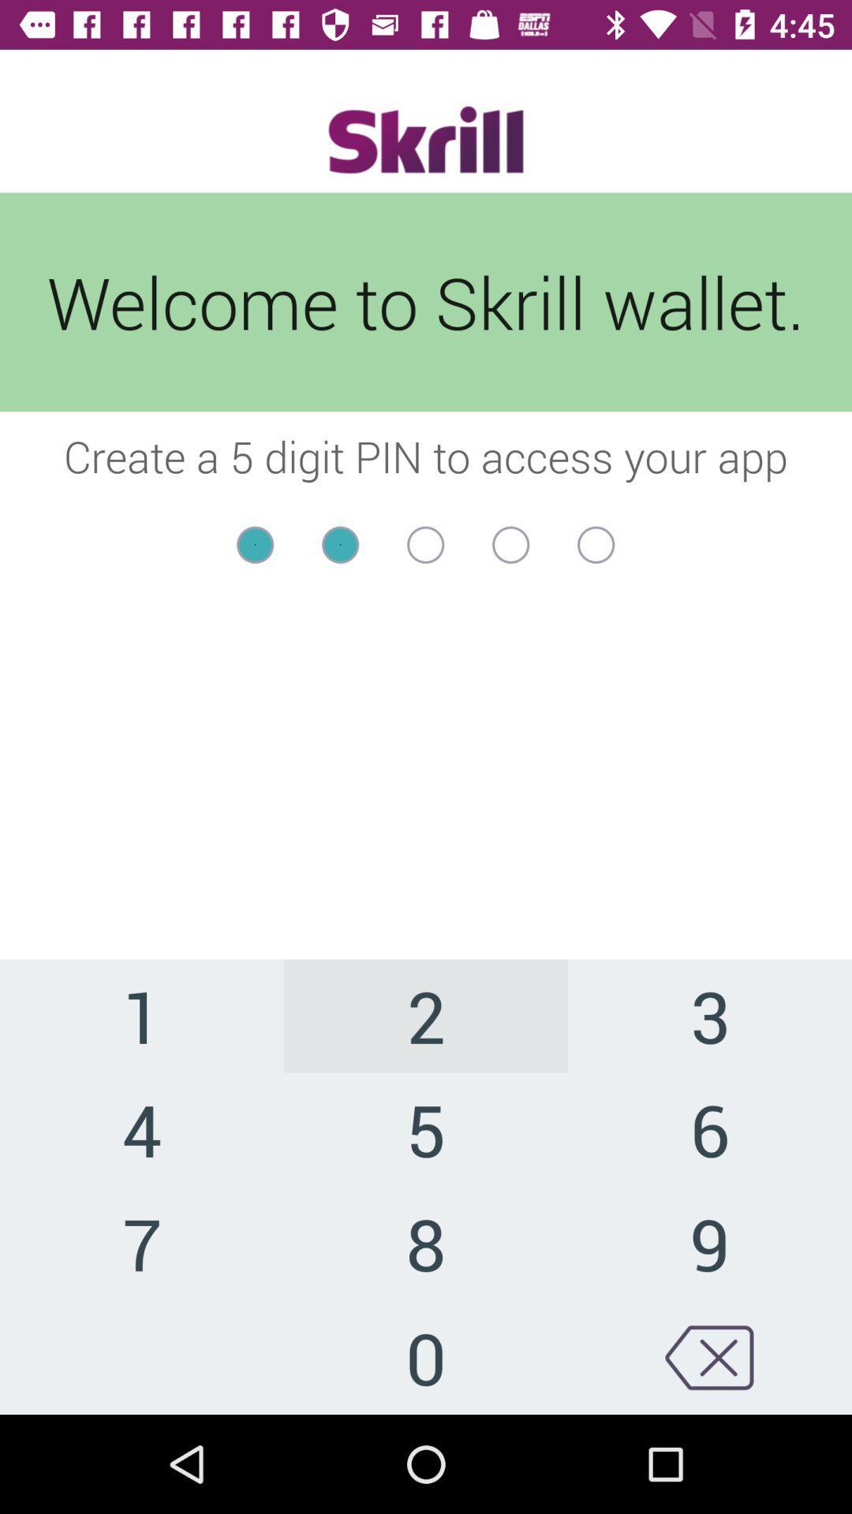 This screenshot has width=852, height=1514. Describe the element at coordinates (426, 1356) in the screenshot. I see `the 0 icon` at that location.